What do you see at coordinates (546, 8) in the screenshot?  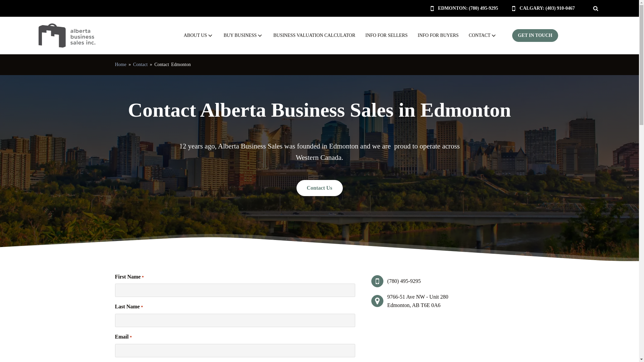 I see `'CALGARY: (403) 910-0467'` at bounding box center [546, 8].